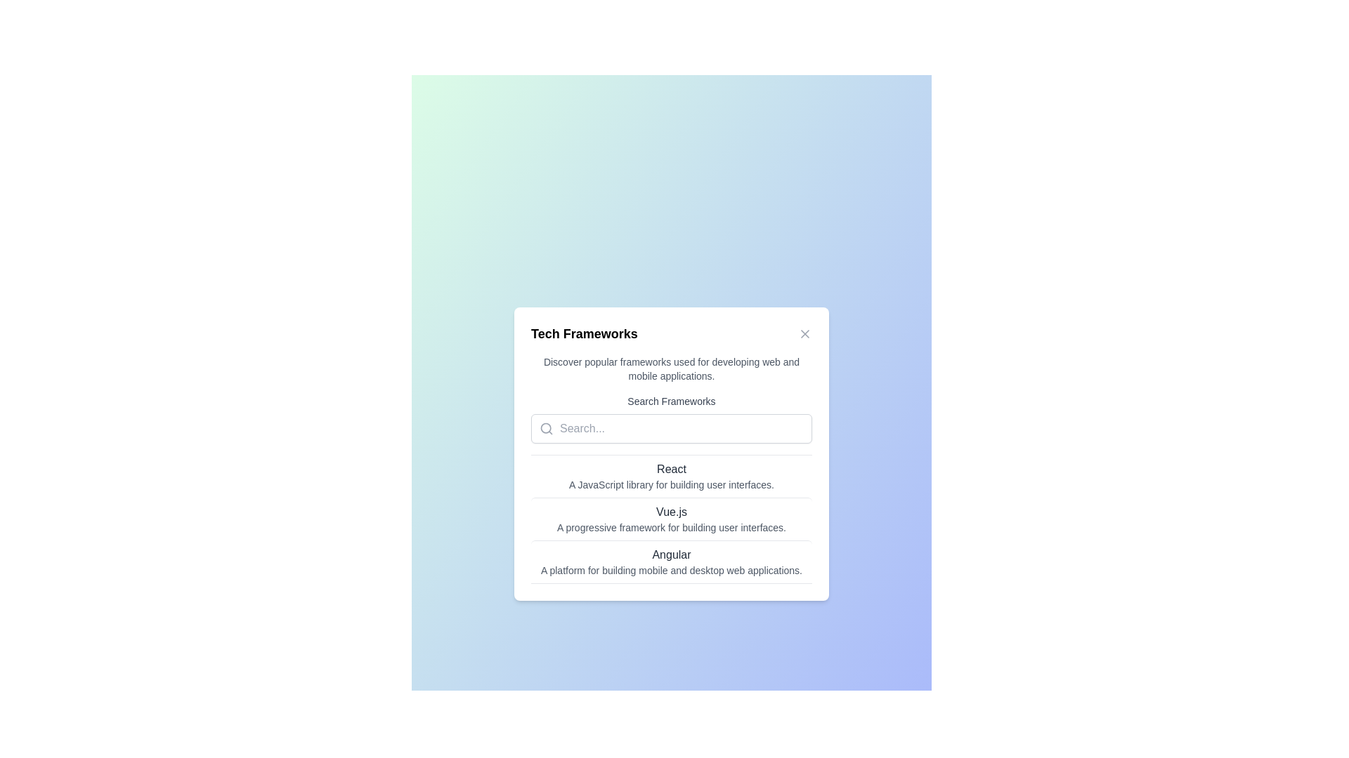 The height and width of the screenshot is (758, 1349). I want to click on the second row of the framework list displaying 'Vue.js' with the description 'A progressive framework for building user interfaces', so click(670, 519).